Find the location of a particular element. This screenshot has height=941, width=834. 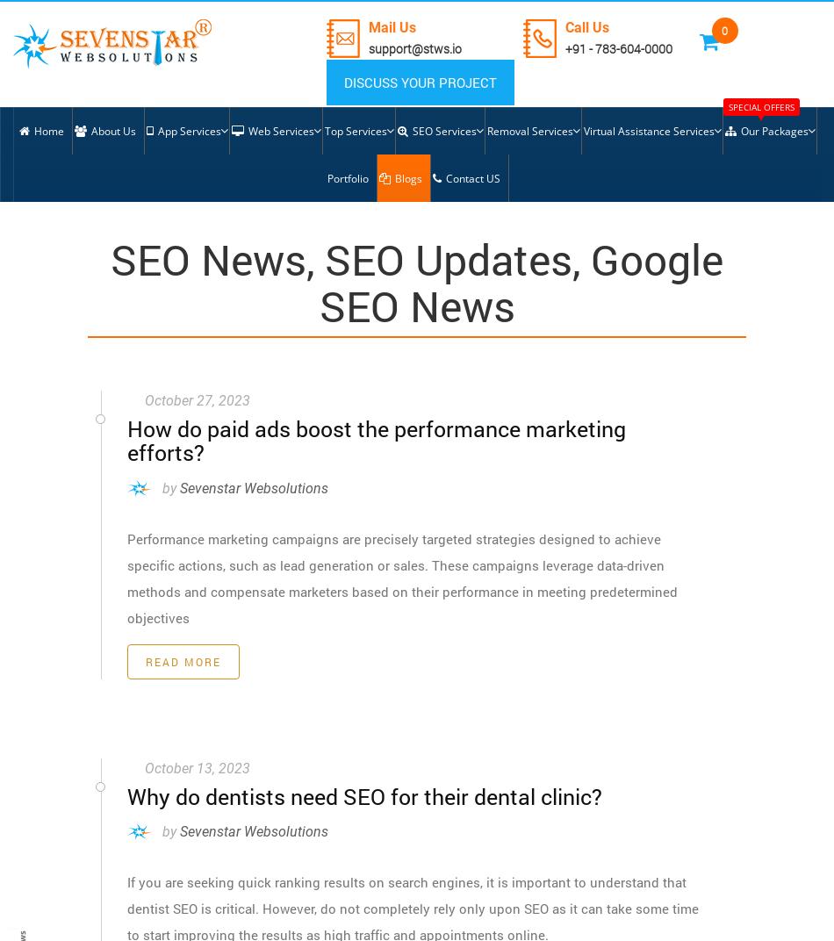

'0' is located at coordinates (723, 29).